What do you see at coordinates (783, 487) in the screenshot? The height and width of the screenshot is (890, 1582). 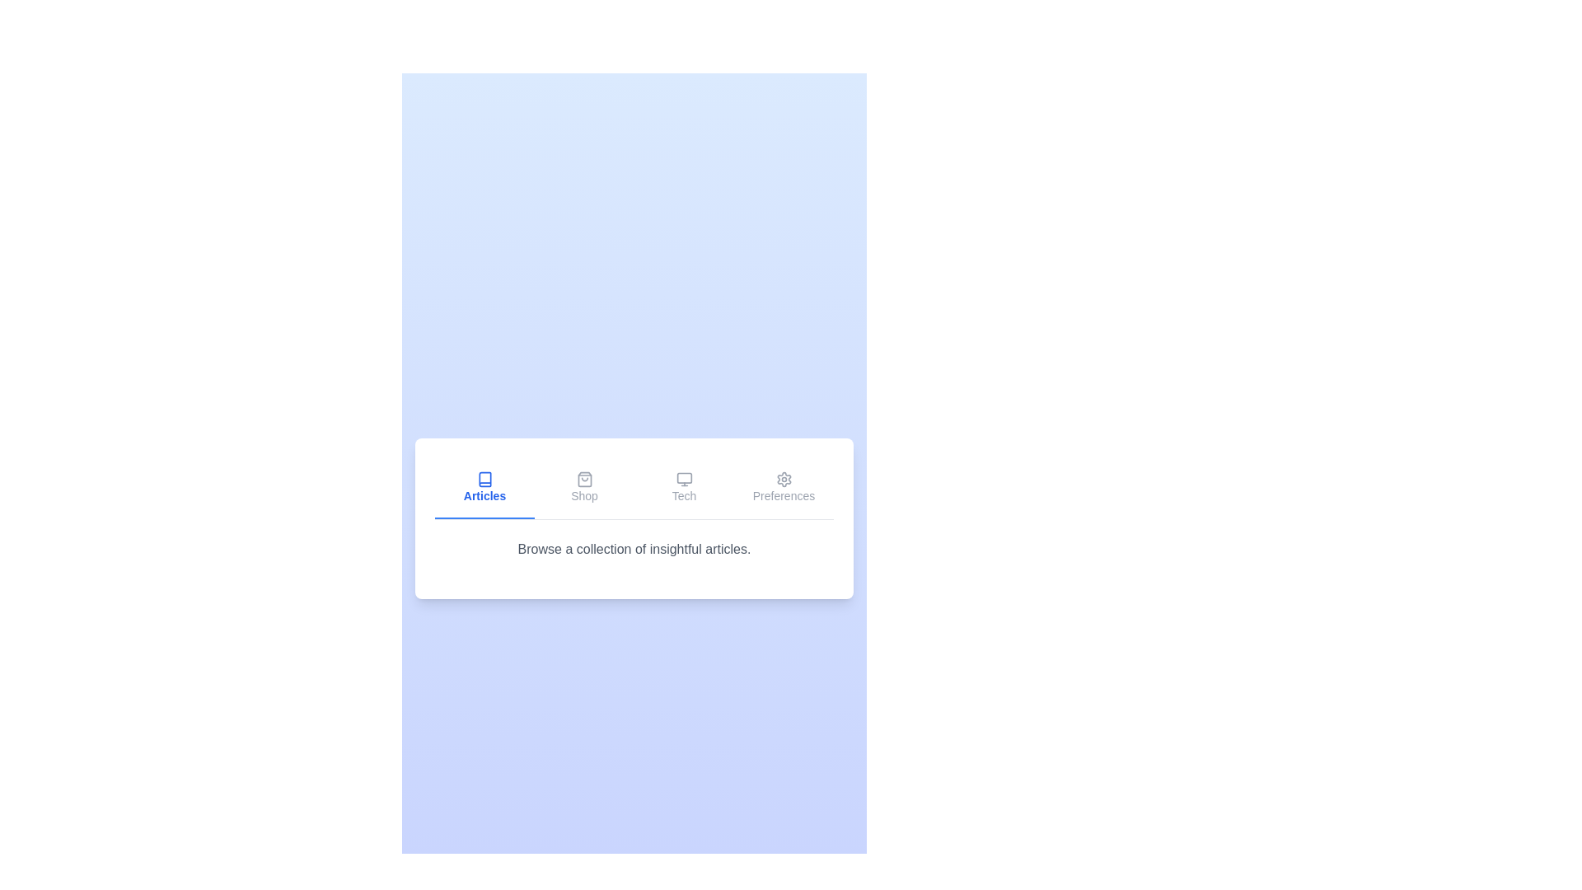 I see `the tab labeled Preferences to select it` at bounding box center [783, 487].